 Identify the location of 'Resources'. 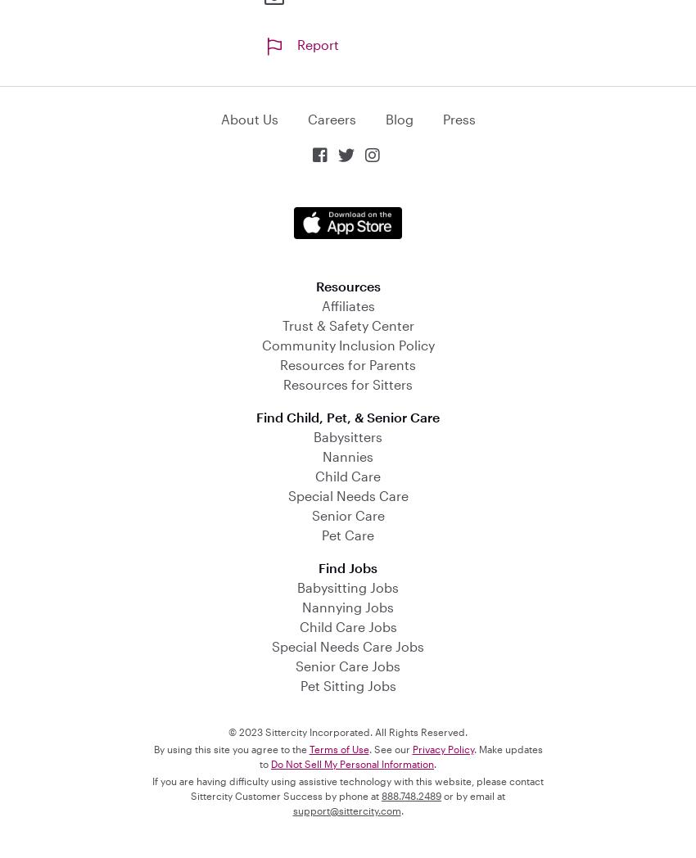
(347, 285).